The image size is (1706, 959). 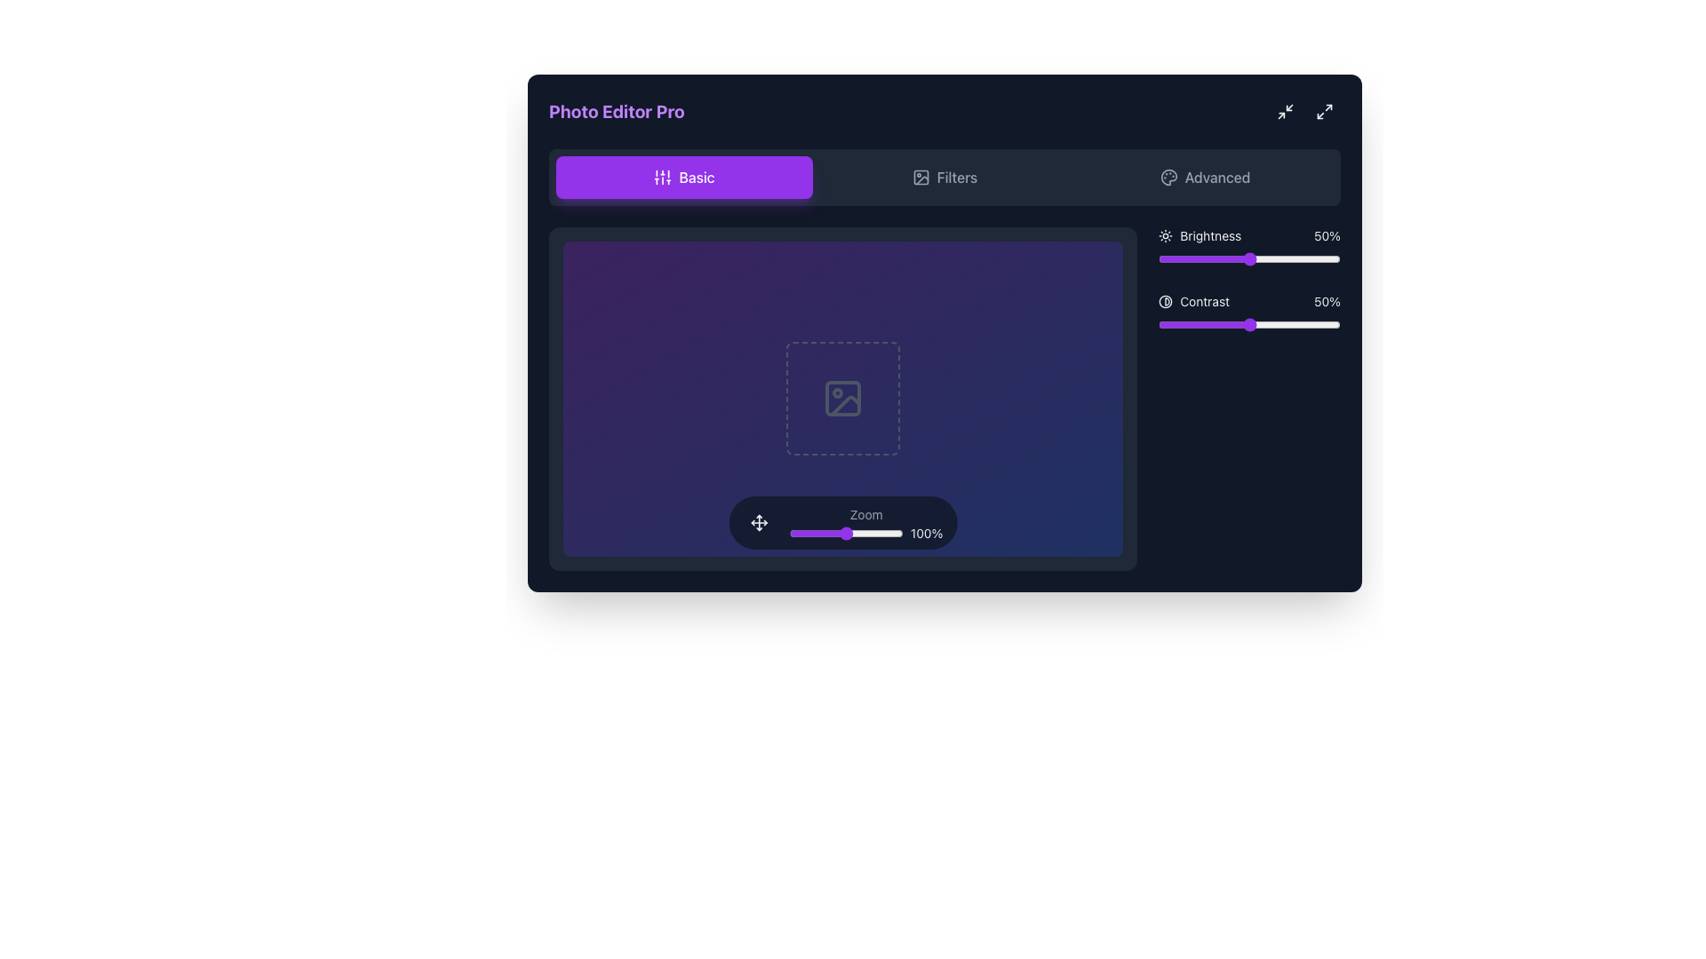 What do you see at coordinates (1205, 178) in the screenshot?
I see `the 'Advanced' button located at the far right of the row of three buttons labeled 'Basic', 'Filters', and 'Advanced'` at bounding box center [1205, 178].